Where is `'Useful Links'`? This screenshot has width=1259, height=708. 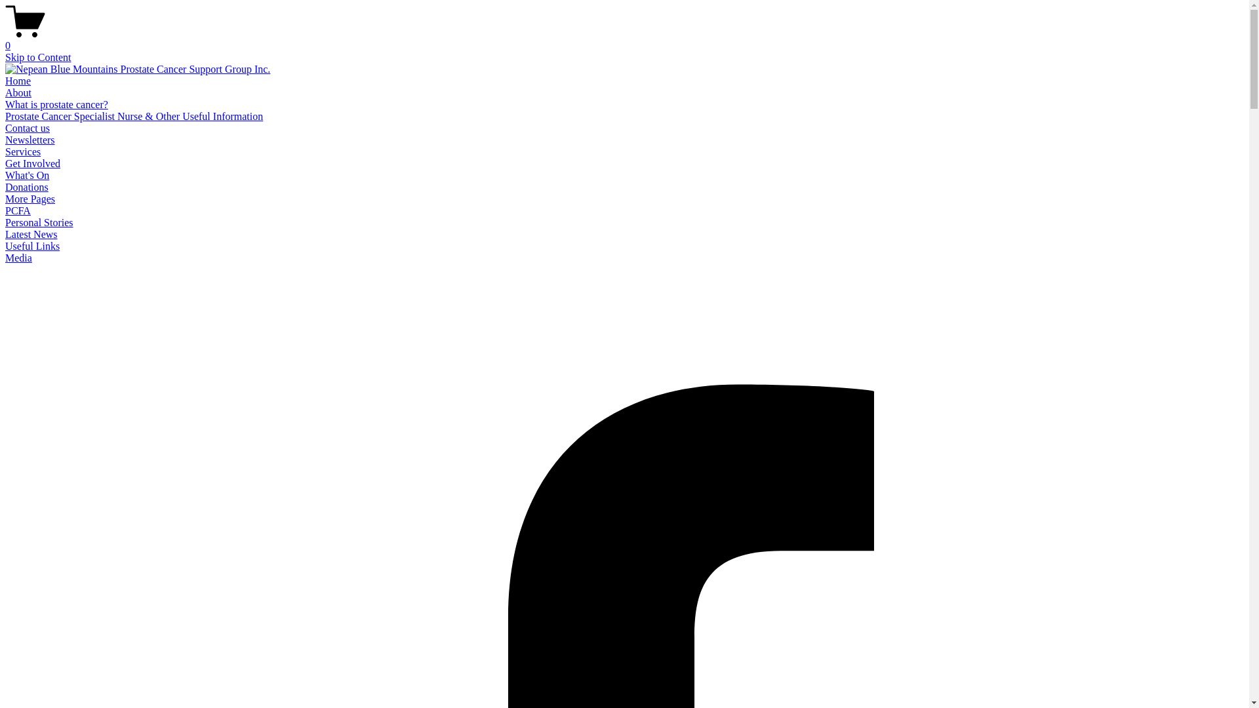 'Useful Links' is located at coordinates (32, 246).